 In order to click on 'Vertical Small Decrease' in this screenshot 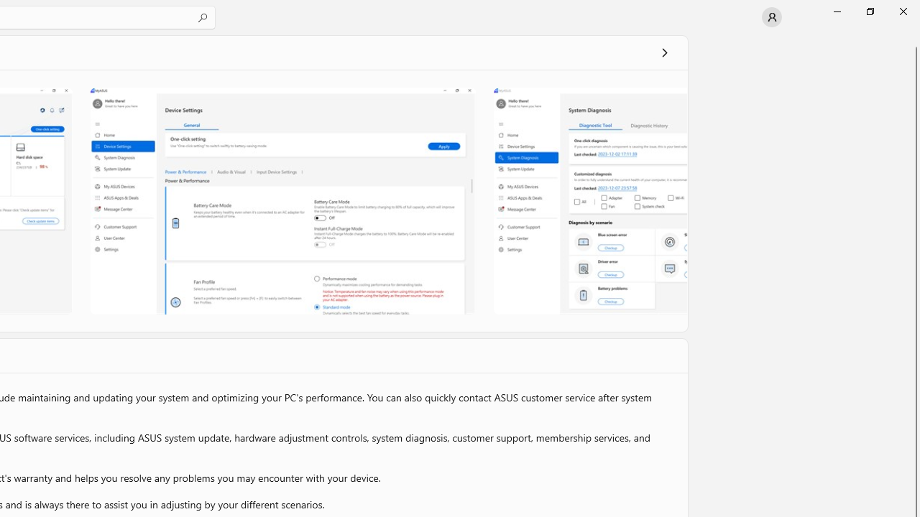, I will do `click(914, 39)`.